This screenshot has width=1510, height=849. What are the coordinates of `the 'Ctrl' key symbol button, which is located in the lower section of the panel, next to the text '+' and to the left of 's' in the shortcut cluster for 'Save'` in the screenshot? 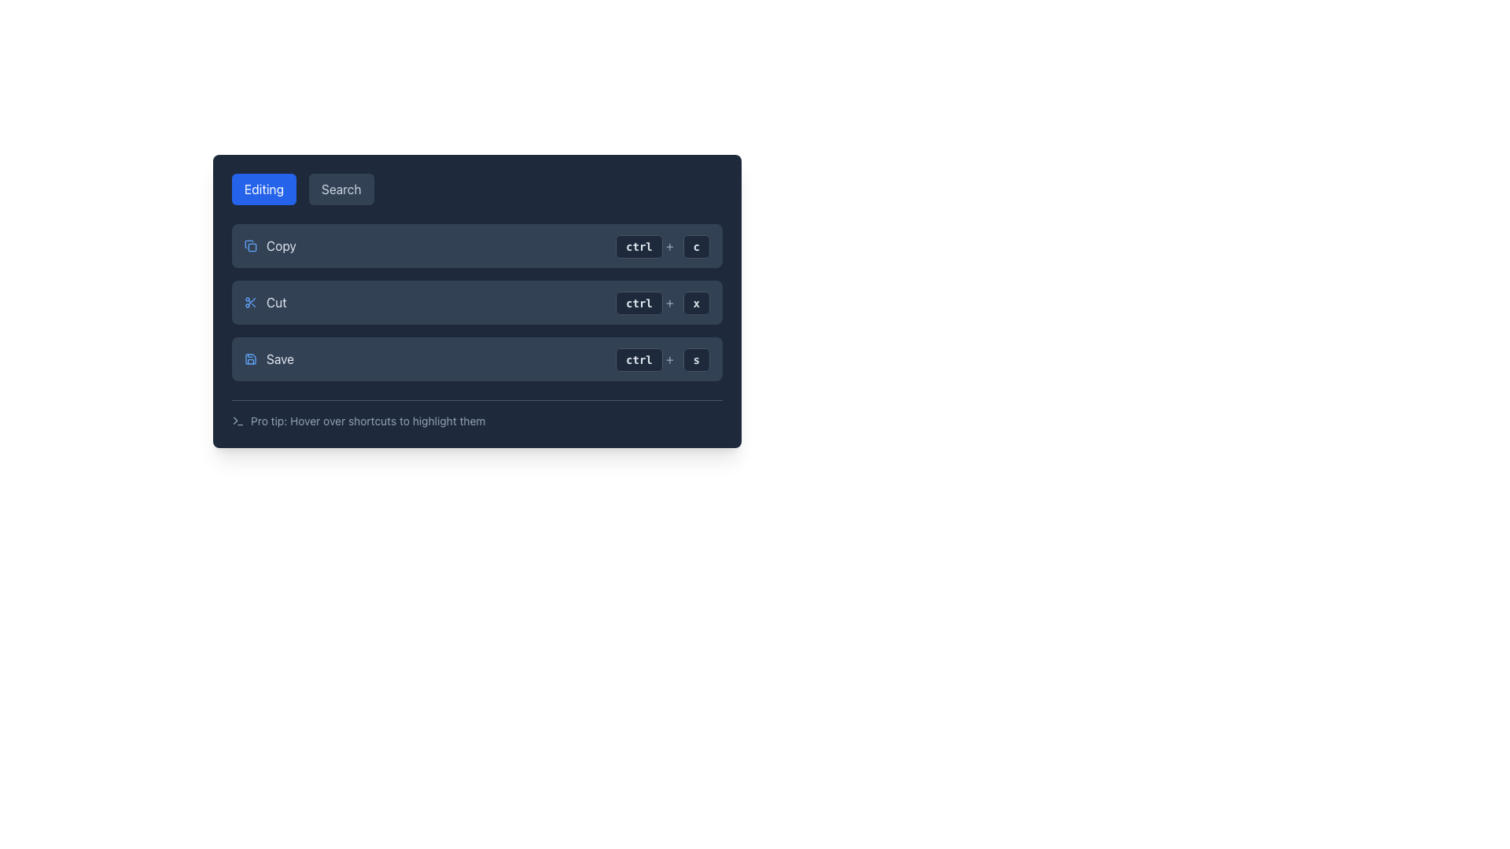 It's located at (639, 360).